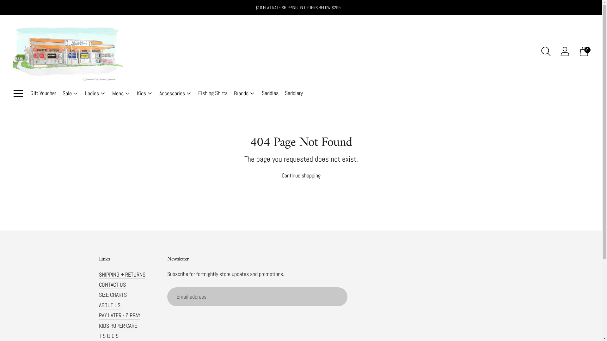 This screenshot has width=607, height=341. What do you see at coordinates (122, 274) in the screenshot?
I see `'SHIPPING + RETURNS'` at bounding box center [122, 274].